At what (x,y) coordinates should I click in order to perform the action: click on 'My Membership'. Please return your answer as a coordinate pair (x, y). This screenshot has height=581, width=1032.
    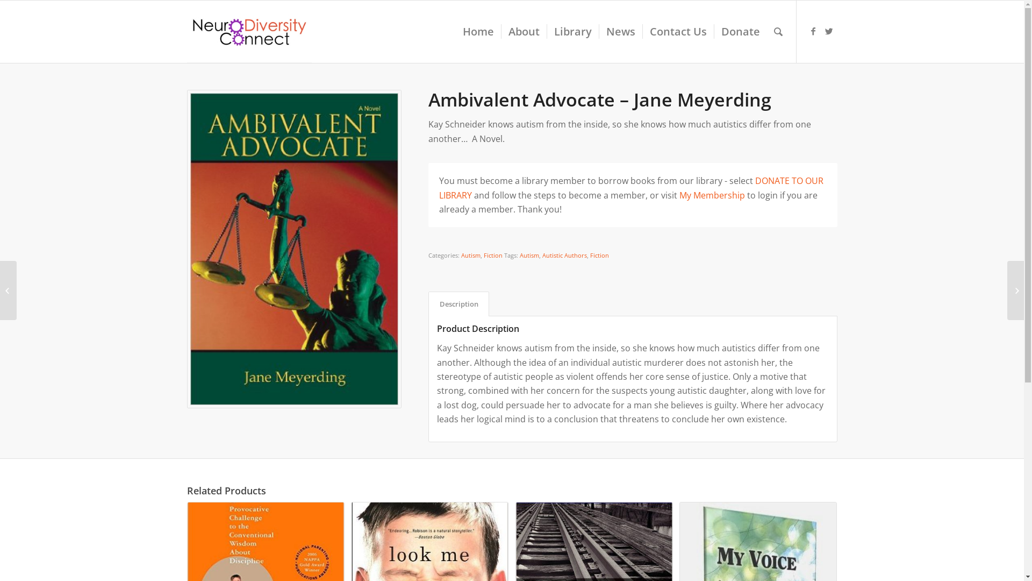
    Looking at the image, I should click on (712, 195).